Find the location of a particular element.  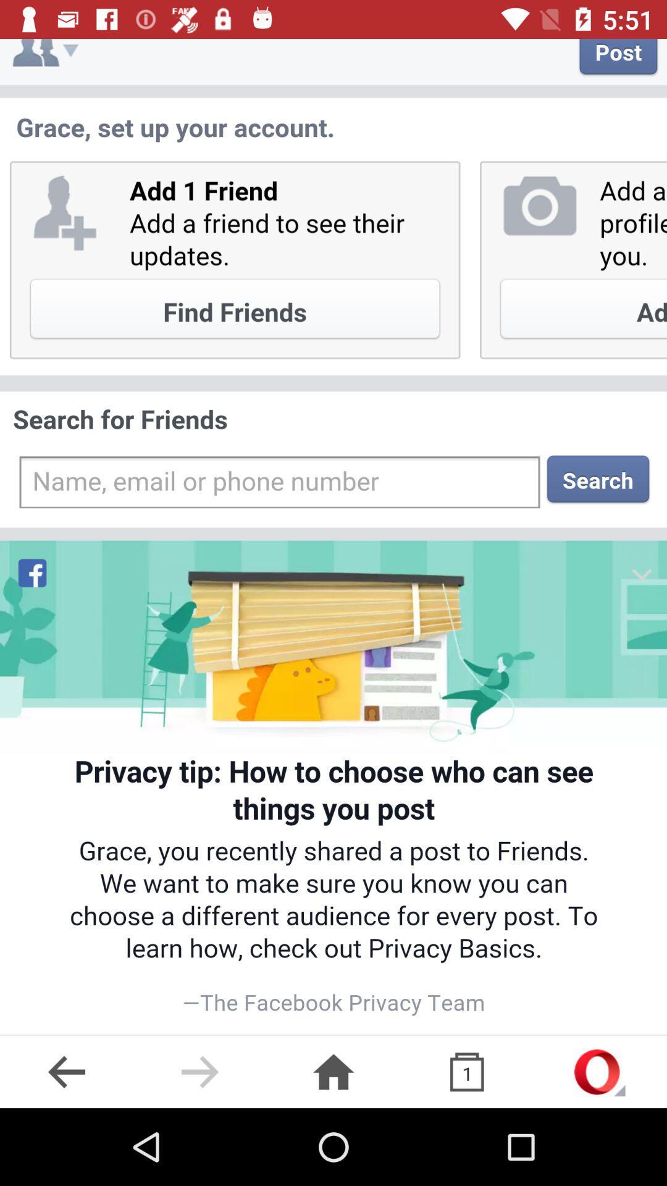

the arrow_backward icon is located at coordinates (67, 1071).